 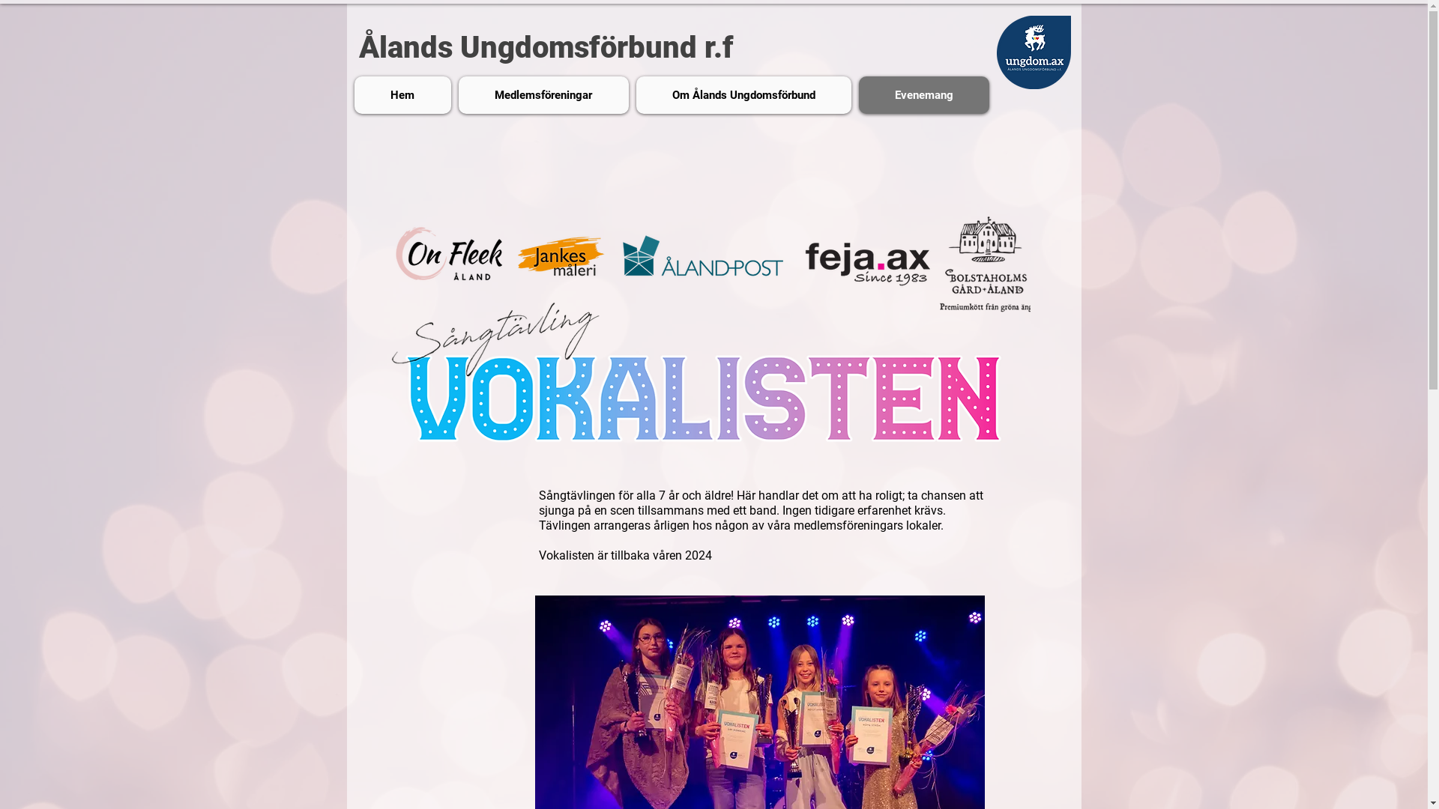 I want to click on 'Evenemang', so click(x=923, y=95).